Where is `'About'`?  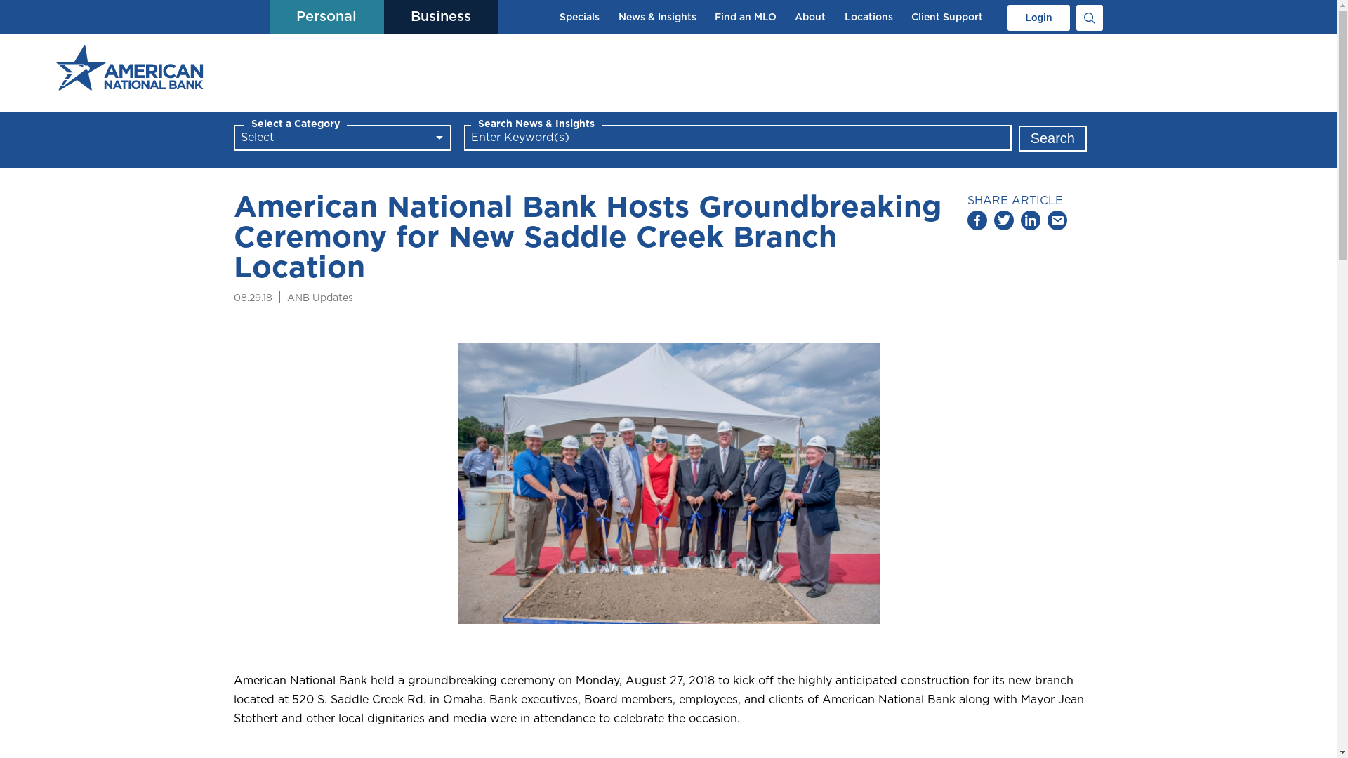
'About' is located at coordinates (810, 16).